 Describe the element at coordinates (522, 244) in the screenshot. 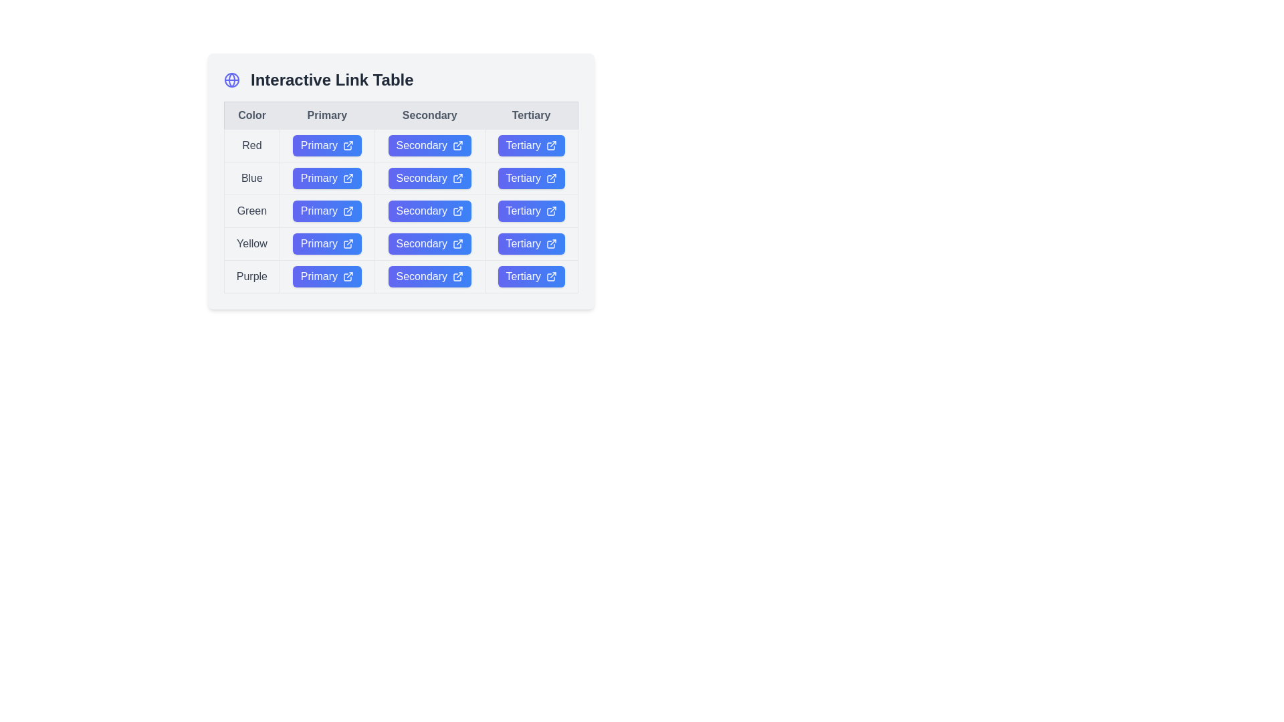

I see `the interactive button labeled 'Yellow' which is the third item in the row under the 'Tertiary' heading` at that location.